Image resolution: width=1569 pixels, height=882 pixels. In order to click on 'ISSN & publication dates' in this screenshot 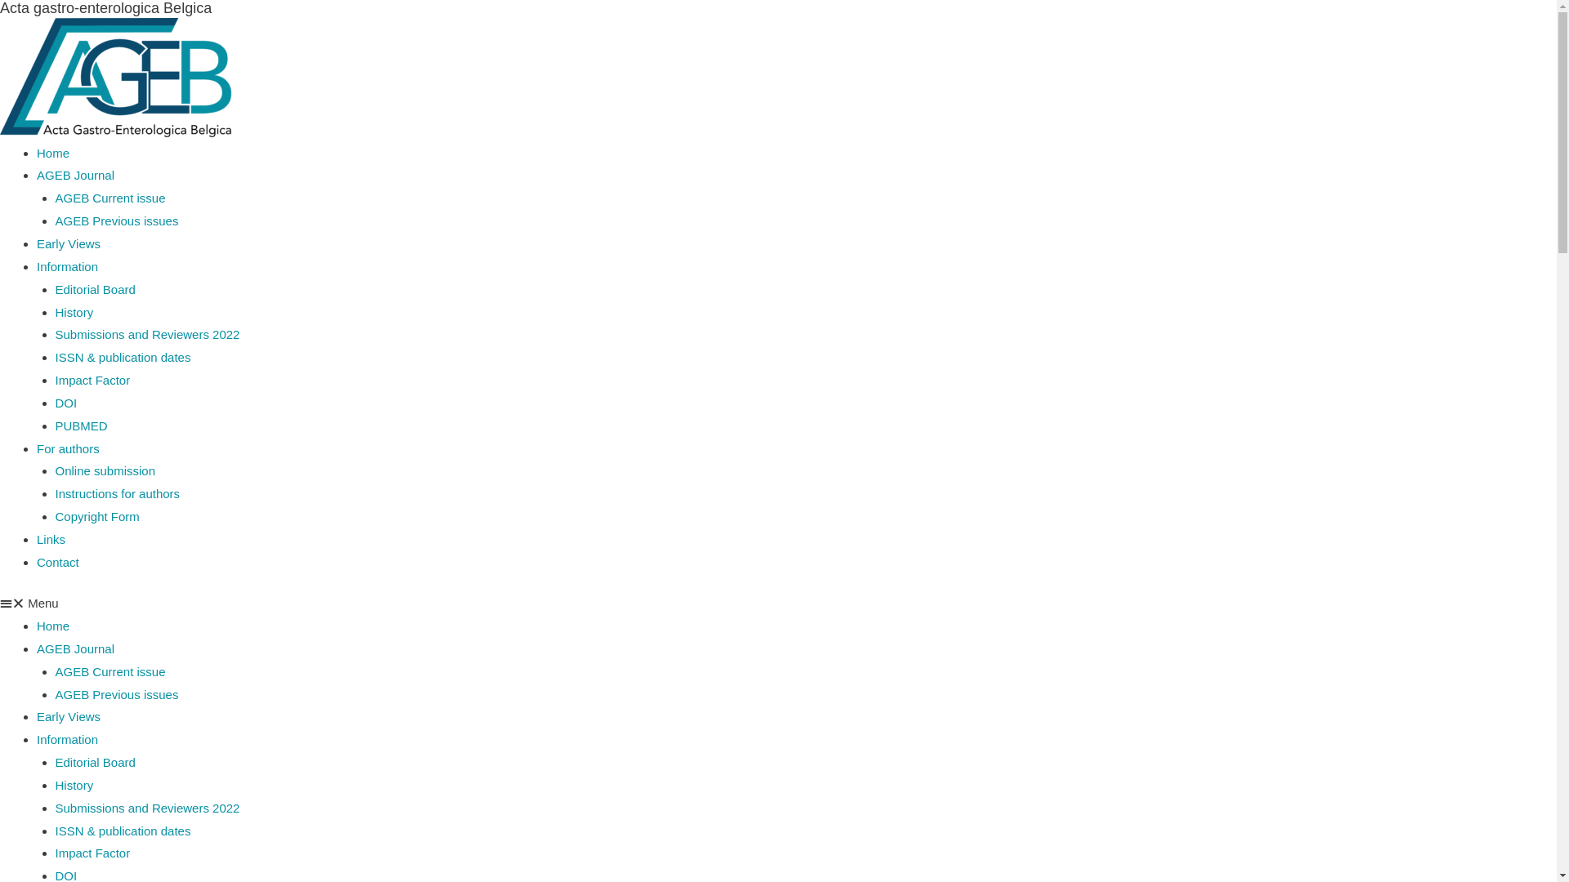, I will do `click(55, 831)`.